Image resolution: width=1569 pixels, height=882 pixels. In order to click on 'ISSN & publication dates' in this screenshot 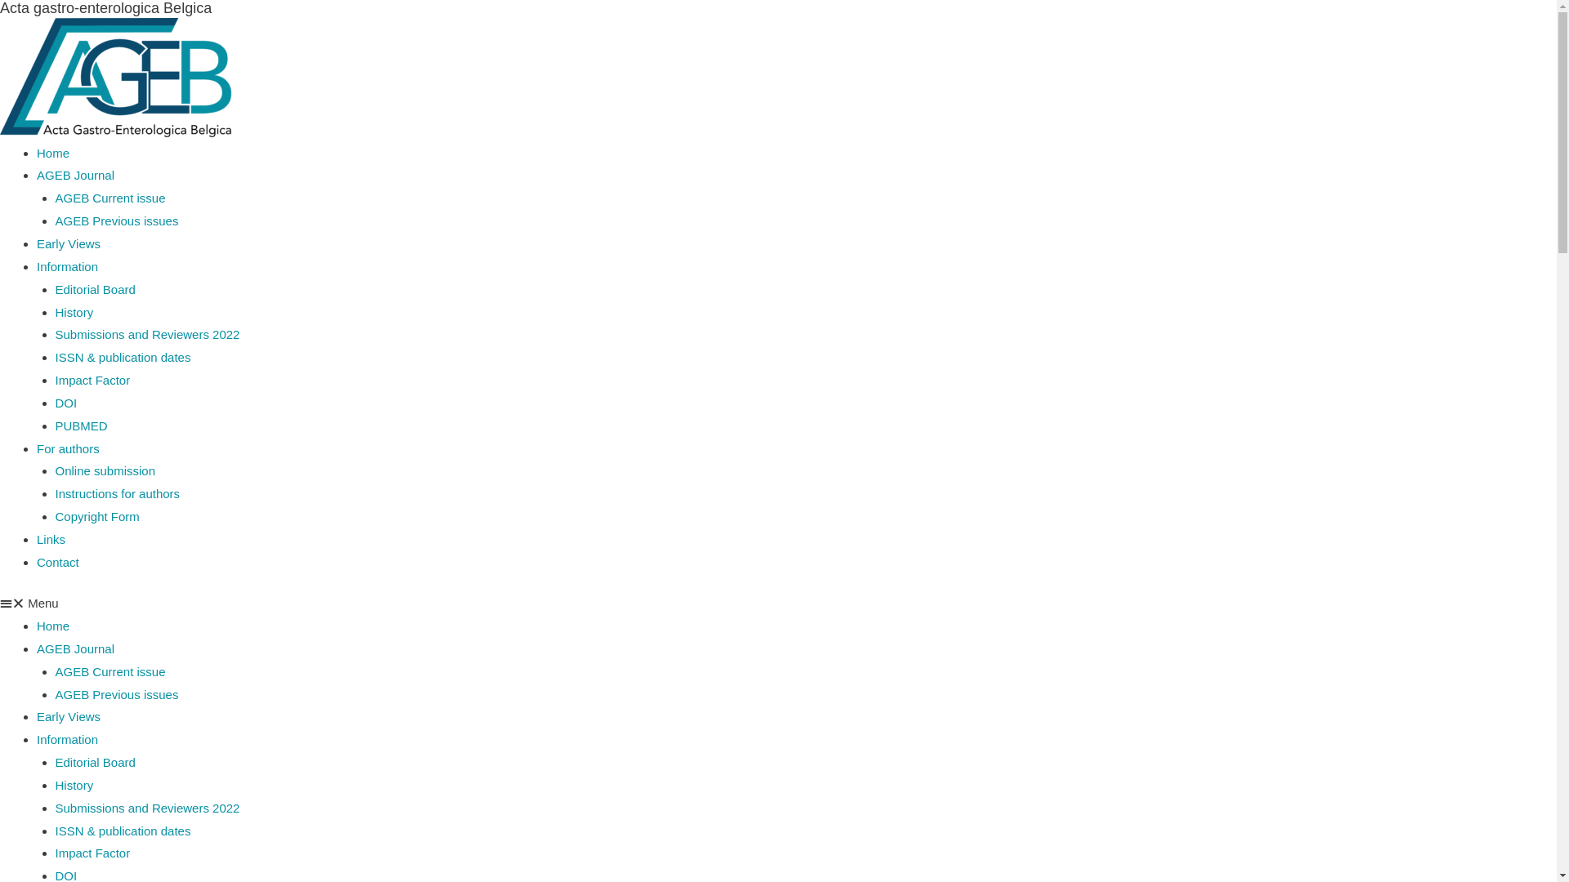, I will do `click(55, 831)`.